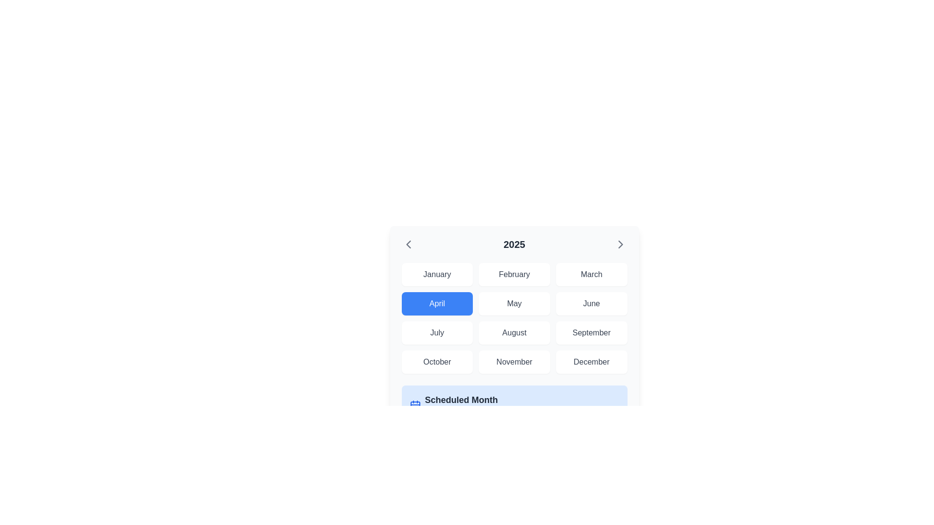 The image size is (934, 525). Describe the element at coordinates (591, 362) in the screenshot. I see `the 'December' button, which is the last button in a grid of month buttons, to trigger a visual hover effect` at that location.